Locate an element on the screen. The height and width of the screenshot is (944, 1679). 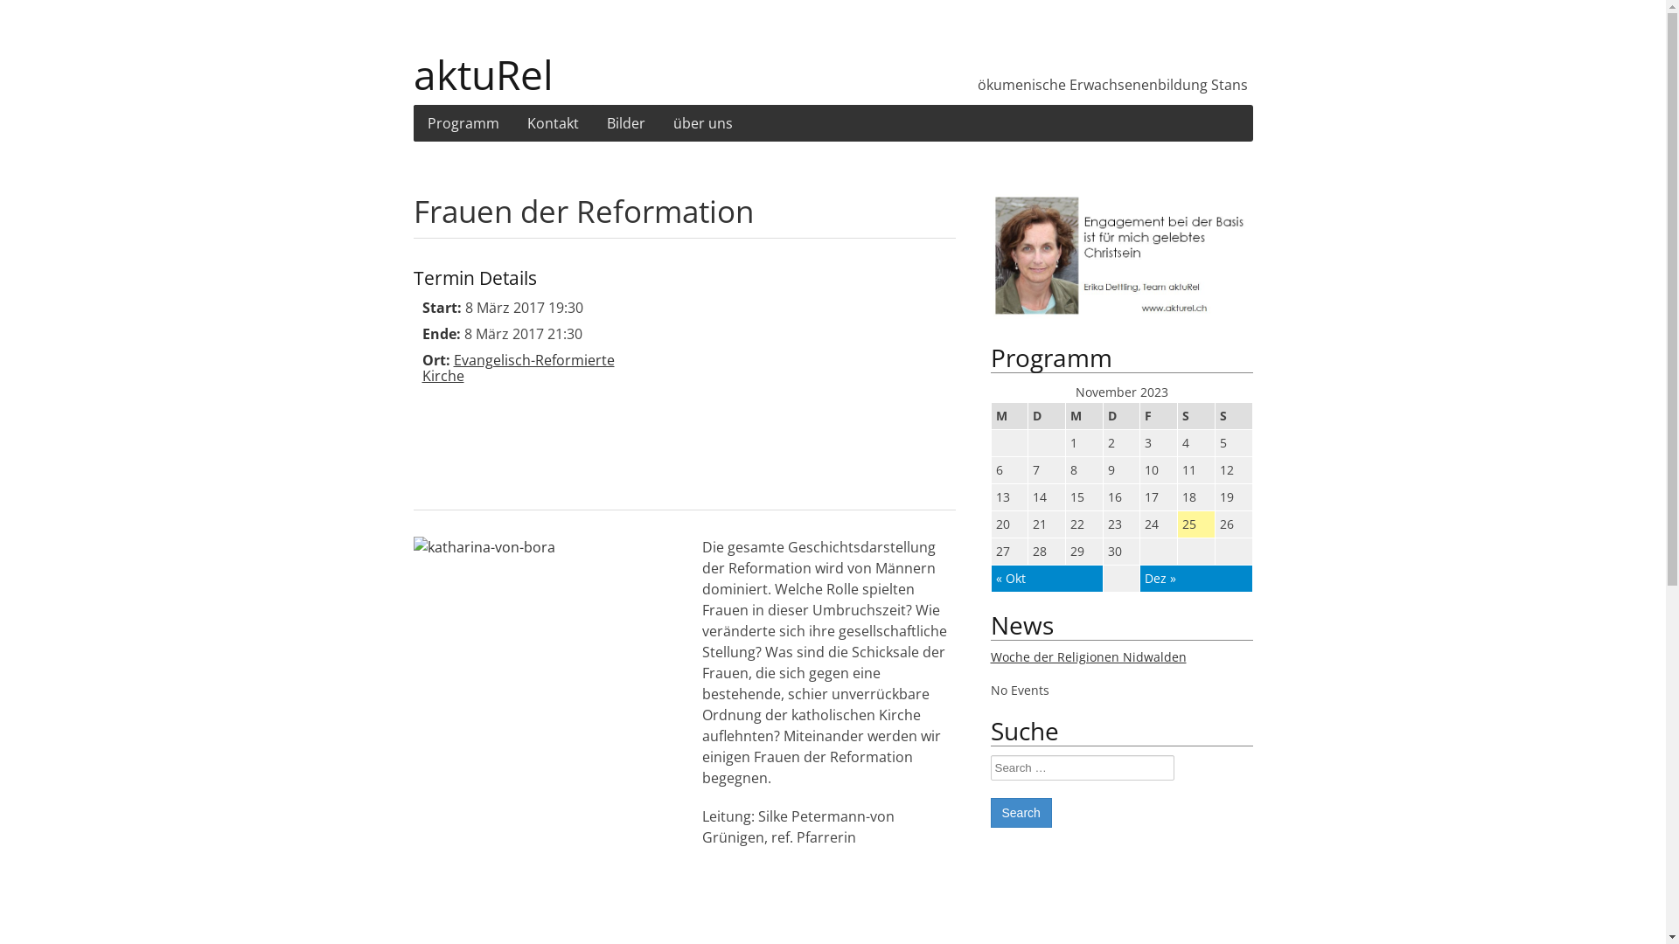
'Search' is located at coordinates (1020, 812).